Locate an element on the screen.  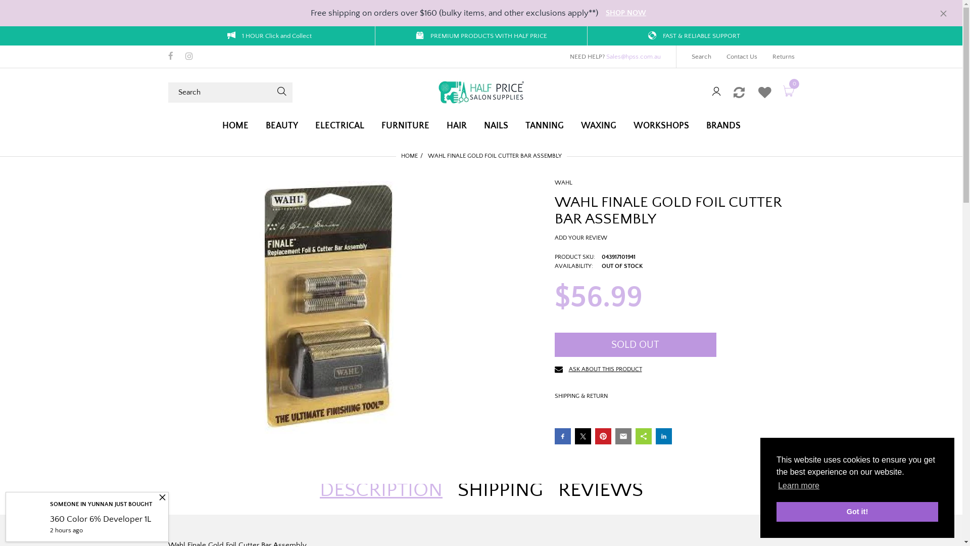
'Sign in' is located at coordinates (710, 92).